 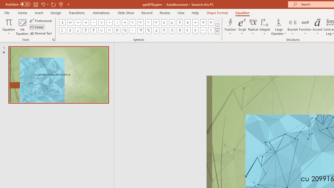 What do you see at coordinates (133, 30) in the screenshot?
I see `'Equation Symbol Degrees'` at bounding box center [133, 30].